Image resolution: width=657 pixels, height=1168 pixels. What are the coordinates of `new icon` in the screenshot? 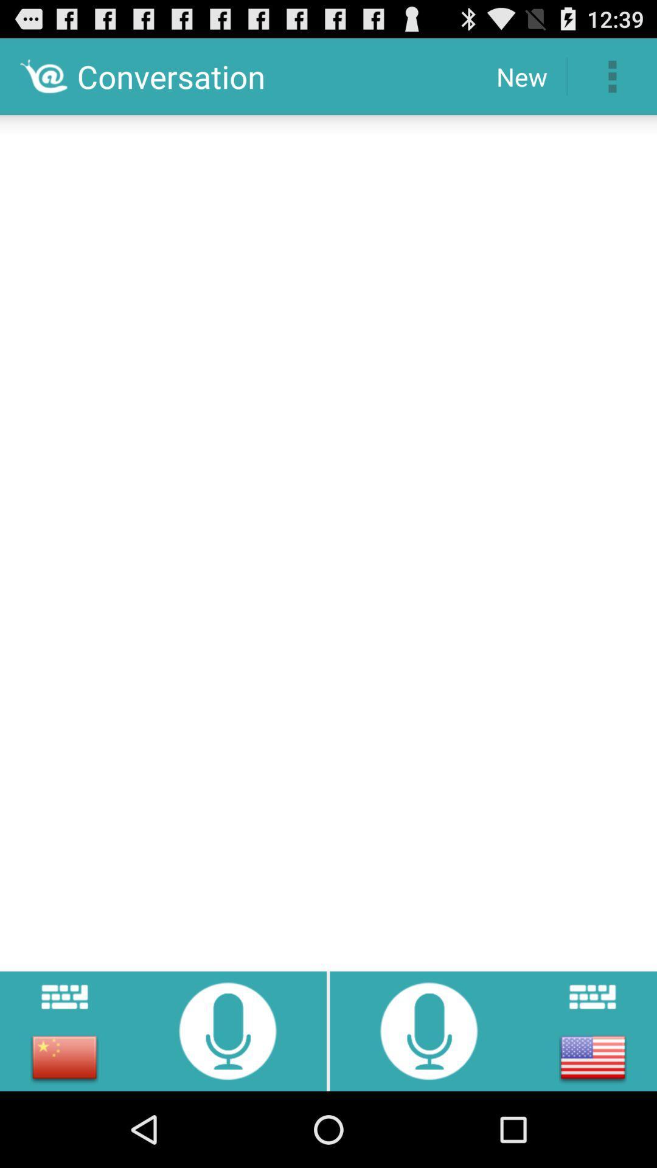 It's located at (521, 75).